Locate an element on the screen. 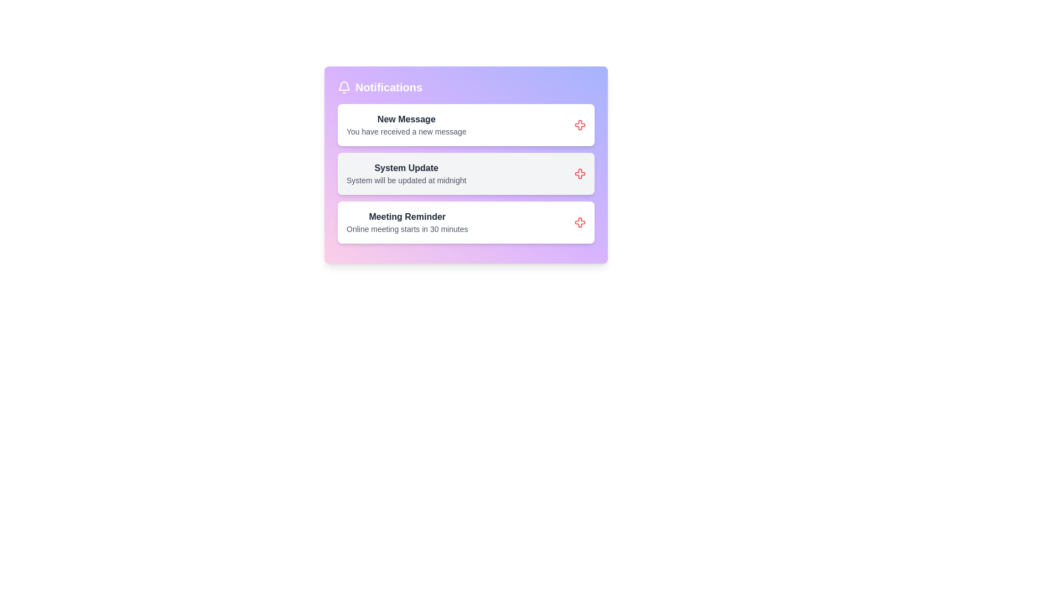 This screenshot has width=1063, height=598. the details of a notification by selecting the notification with title 'System Update' is located at coordinates (406, 173).